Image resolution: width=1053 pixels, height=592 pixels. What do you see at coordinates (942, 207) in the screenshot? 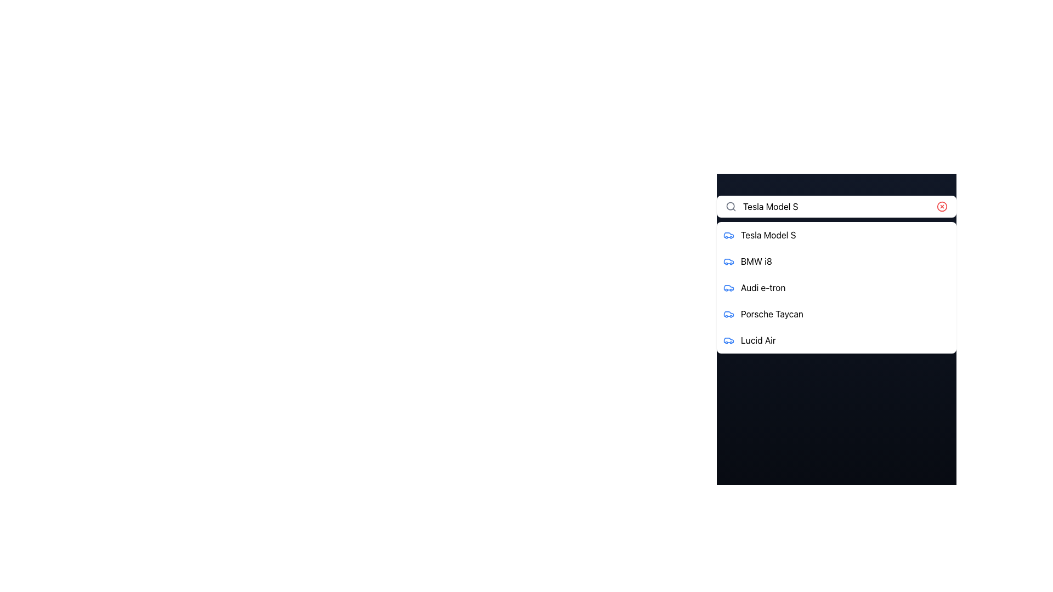
I see `the circular close button with a red border and 'X' icon, located at the rightmost side of the input field` at bounding box center [942, 207].